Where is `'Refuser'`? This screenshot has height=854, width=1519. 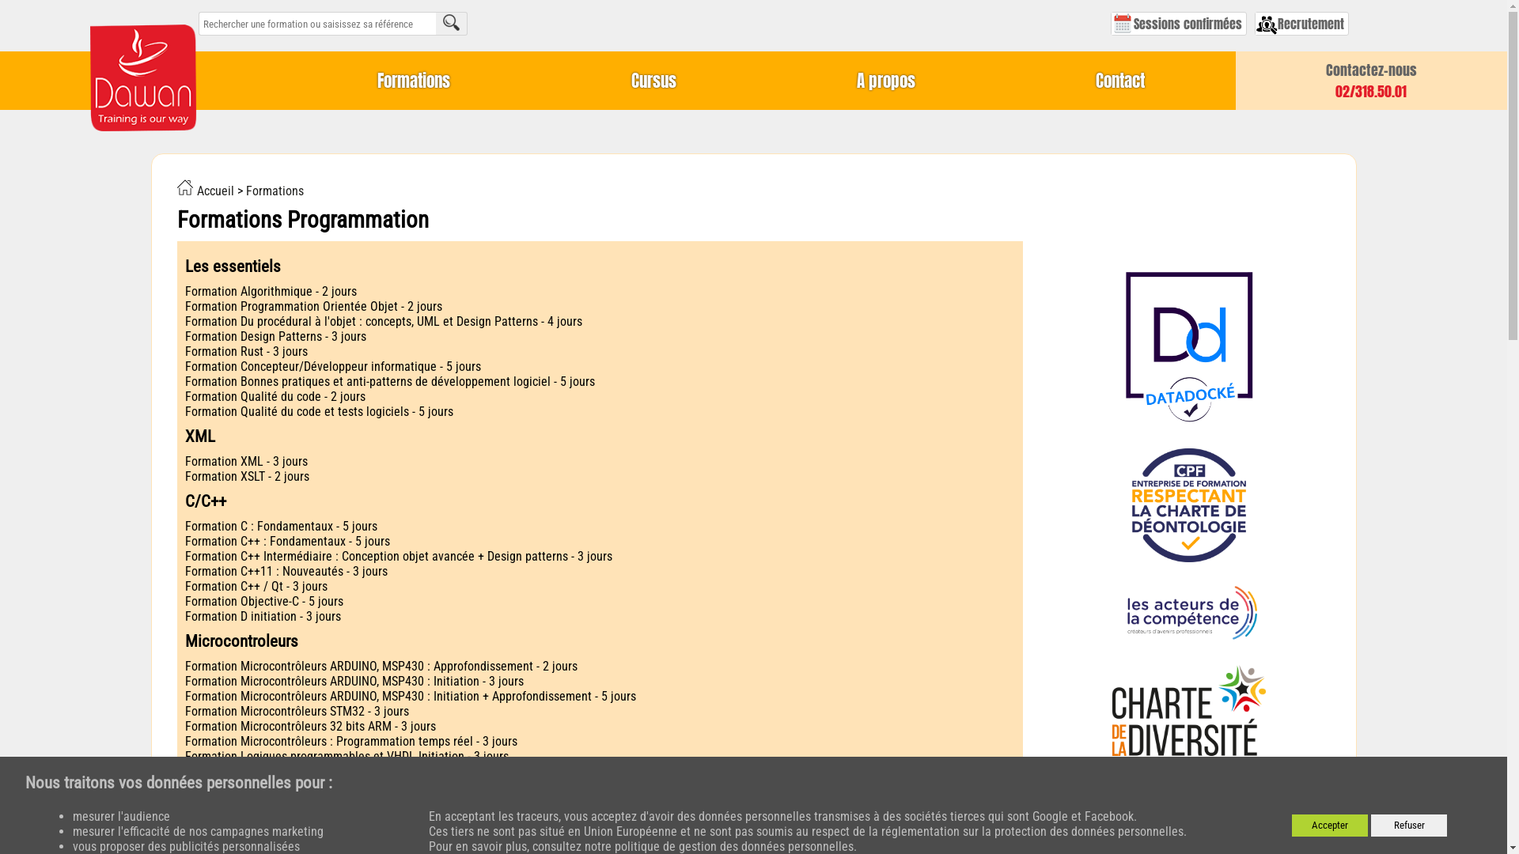 'Refuser' is located at coordinates (1408, 825).